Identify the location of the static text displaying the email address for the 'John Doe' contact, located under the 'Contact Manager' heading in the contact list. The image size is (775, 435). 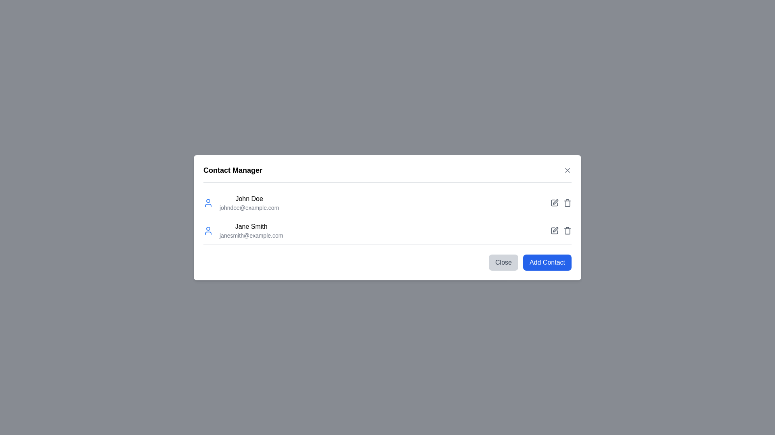
(249, 207).